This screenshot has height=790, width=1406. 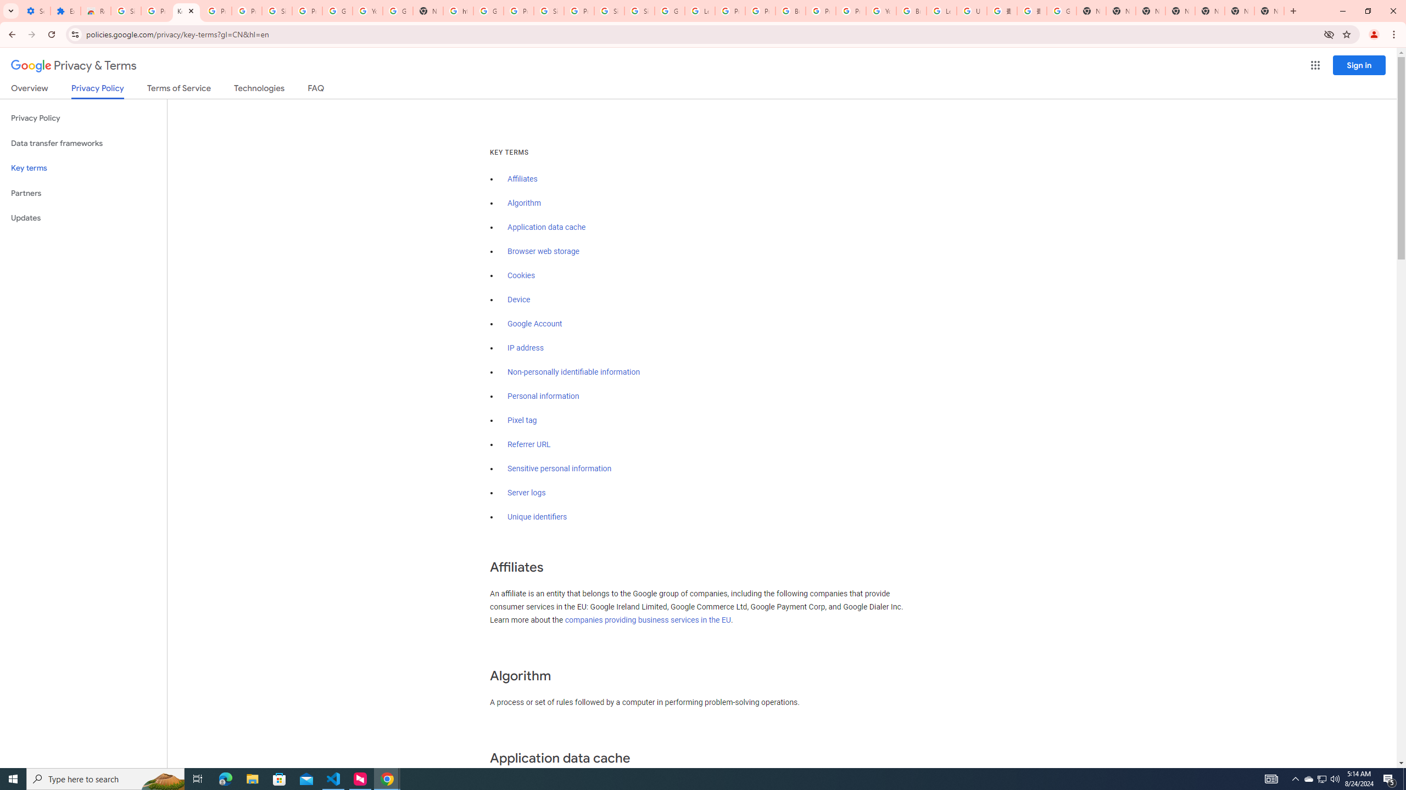 What do you see at coordinates (559, 469) in the screenshot?
I see `'Sensitive personal information'` at bounding box center [559, 469].